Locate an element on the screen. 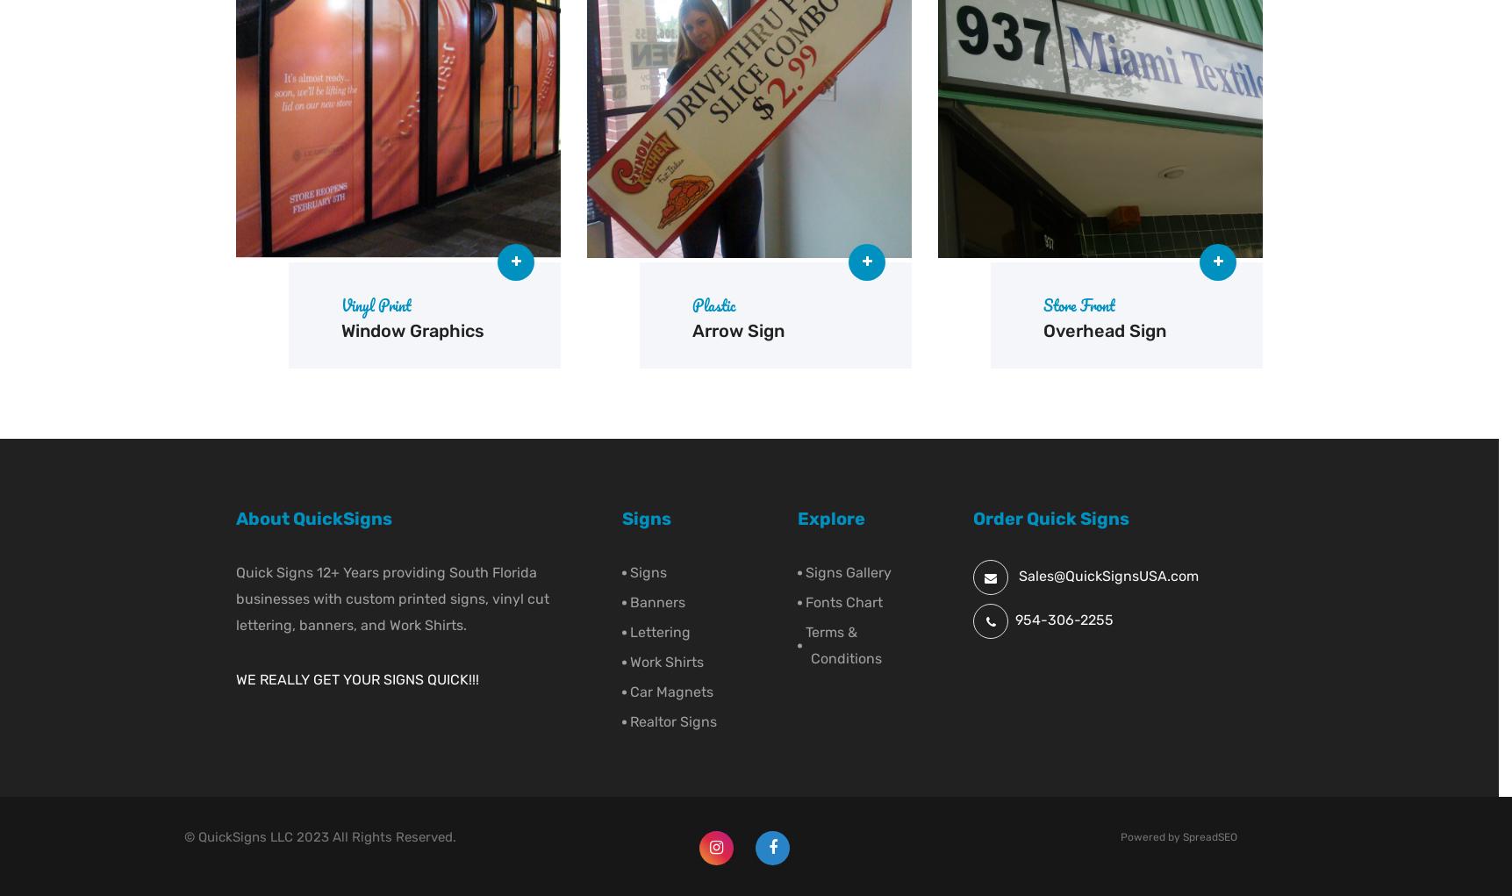  'Overhead Sign' is located at coordinates (1104, 330).